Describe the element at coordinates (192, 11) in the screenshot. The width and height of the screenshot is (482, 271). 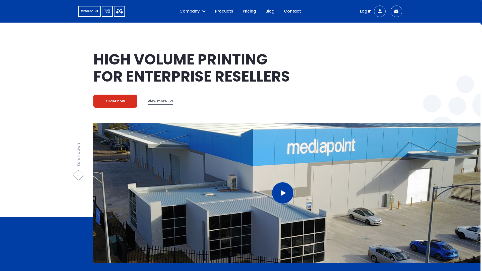
I see `'Company'` at that location.